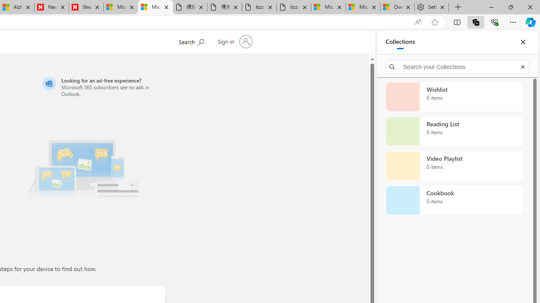 The image size is (540, 303). Describe the element at coordinates (454, 96) in the screenshot. I see `'Wishlist collection, 0 items'` at that location.